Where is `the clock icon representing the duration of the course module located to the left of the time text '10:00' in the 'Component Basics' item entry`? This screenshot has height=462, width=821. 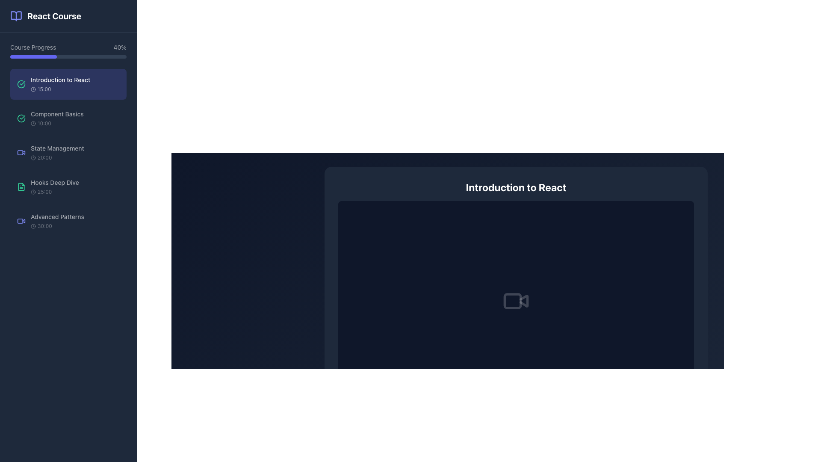
the clock icon representing the duration of the course module located to the left of the time text '10:00' in the 'Component Basics' item entry is located at coordinates (33, 124).